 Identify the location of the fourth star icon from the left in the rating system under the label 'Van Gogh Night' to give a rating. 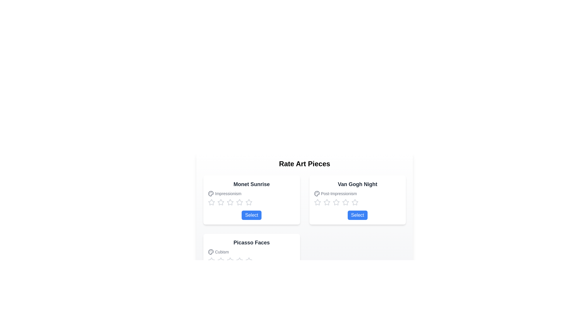
(345, 202).